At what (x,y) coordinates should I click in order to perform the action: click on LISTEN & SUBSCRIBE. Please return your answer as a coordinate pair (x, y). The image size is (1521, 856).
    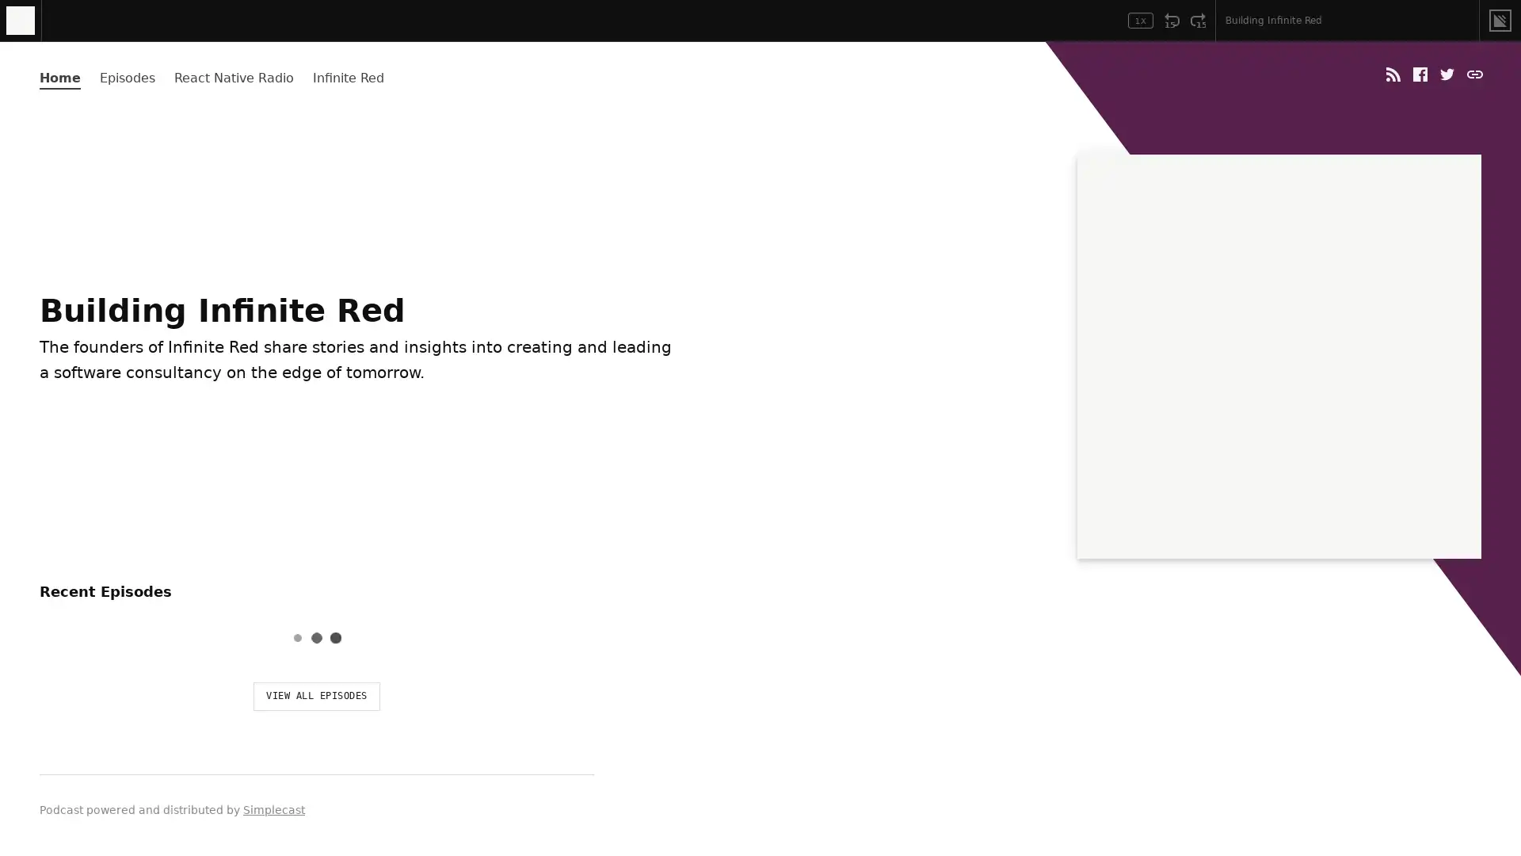
    Looking at the image, I should click on (229, 418).